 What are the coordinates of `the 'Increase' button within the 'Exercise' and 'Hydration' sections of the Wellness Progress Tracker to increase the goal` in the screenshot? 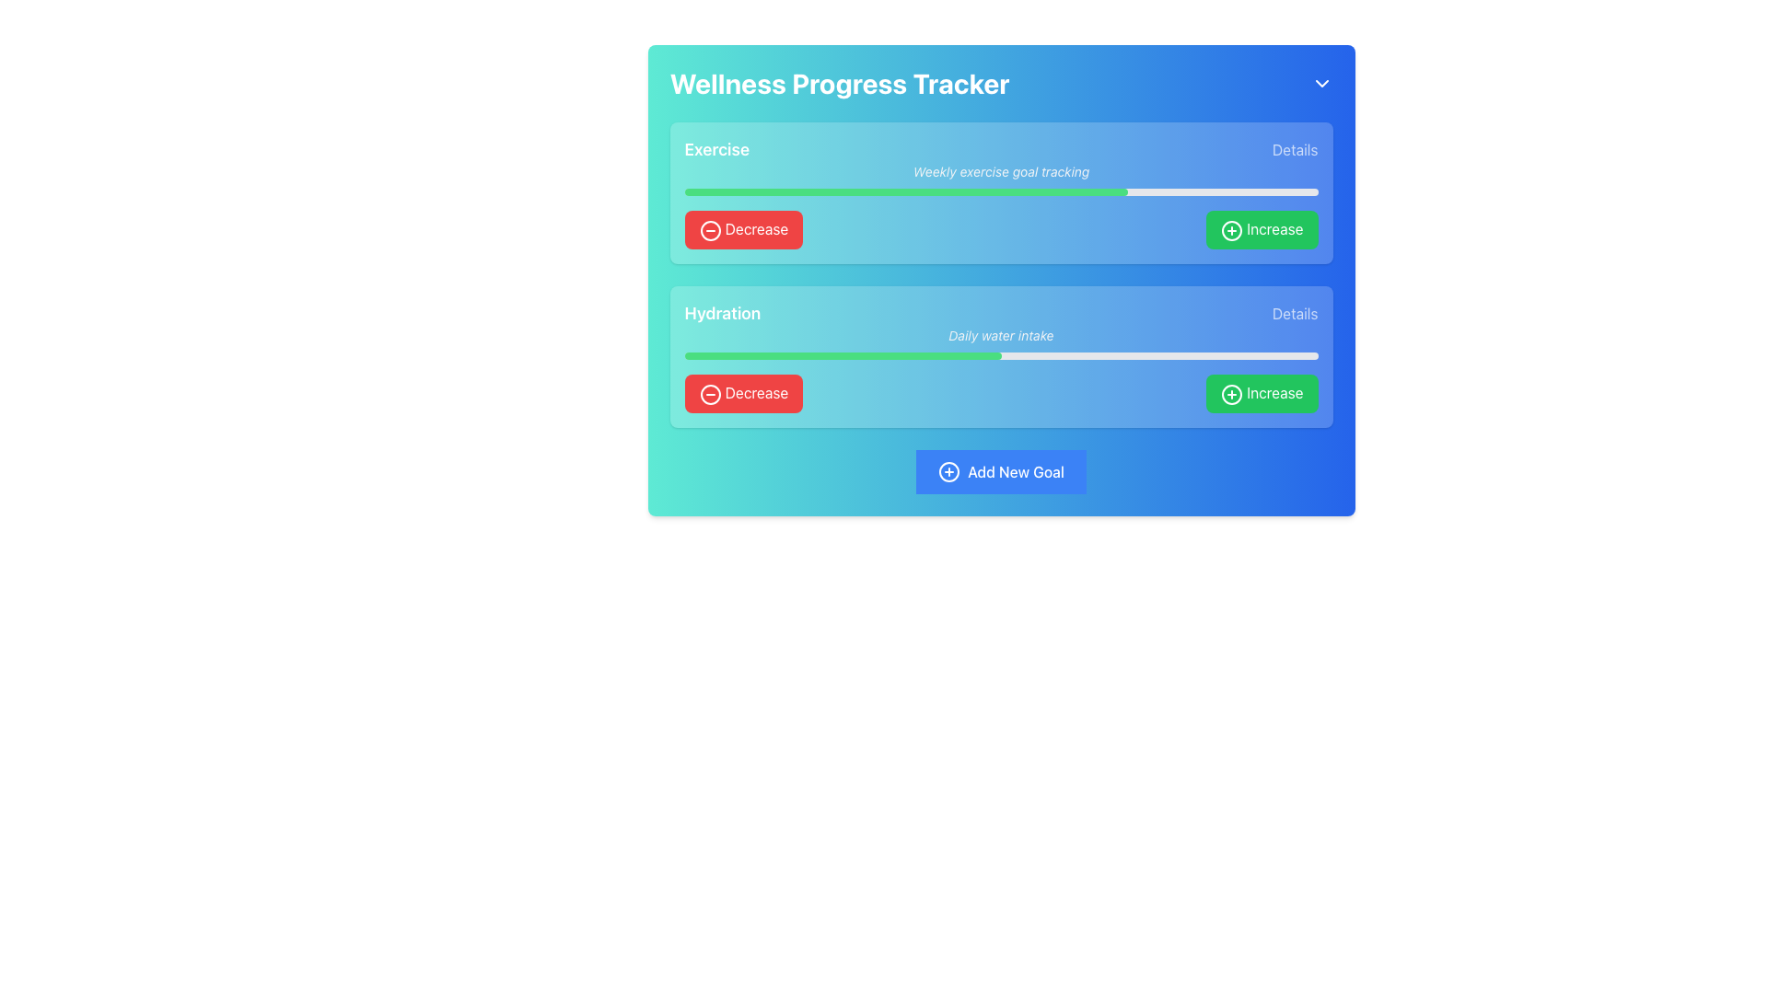 It's located at (1000, 274).